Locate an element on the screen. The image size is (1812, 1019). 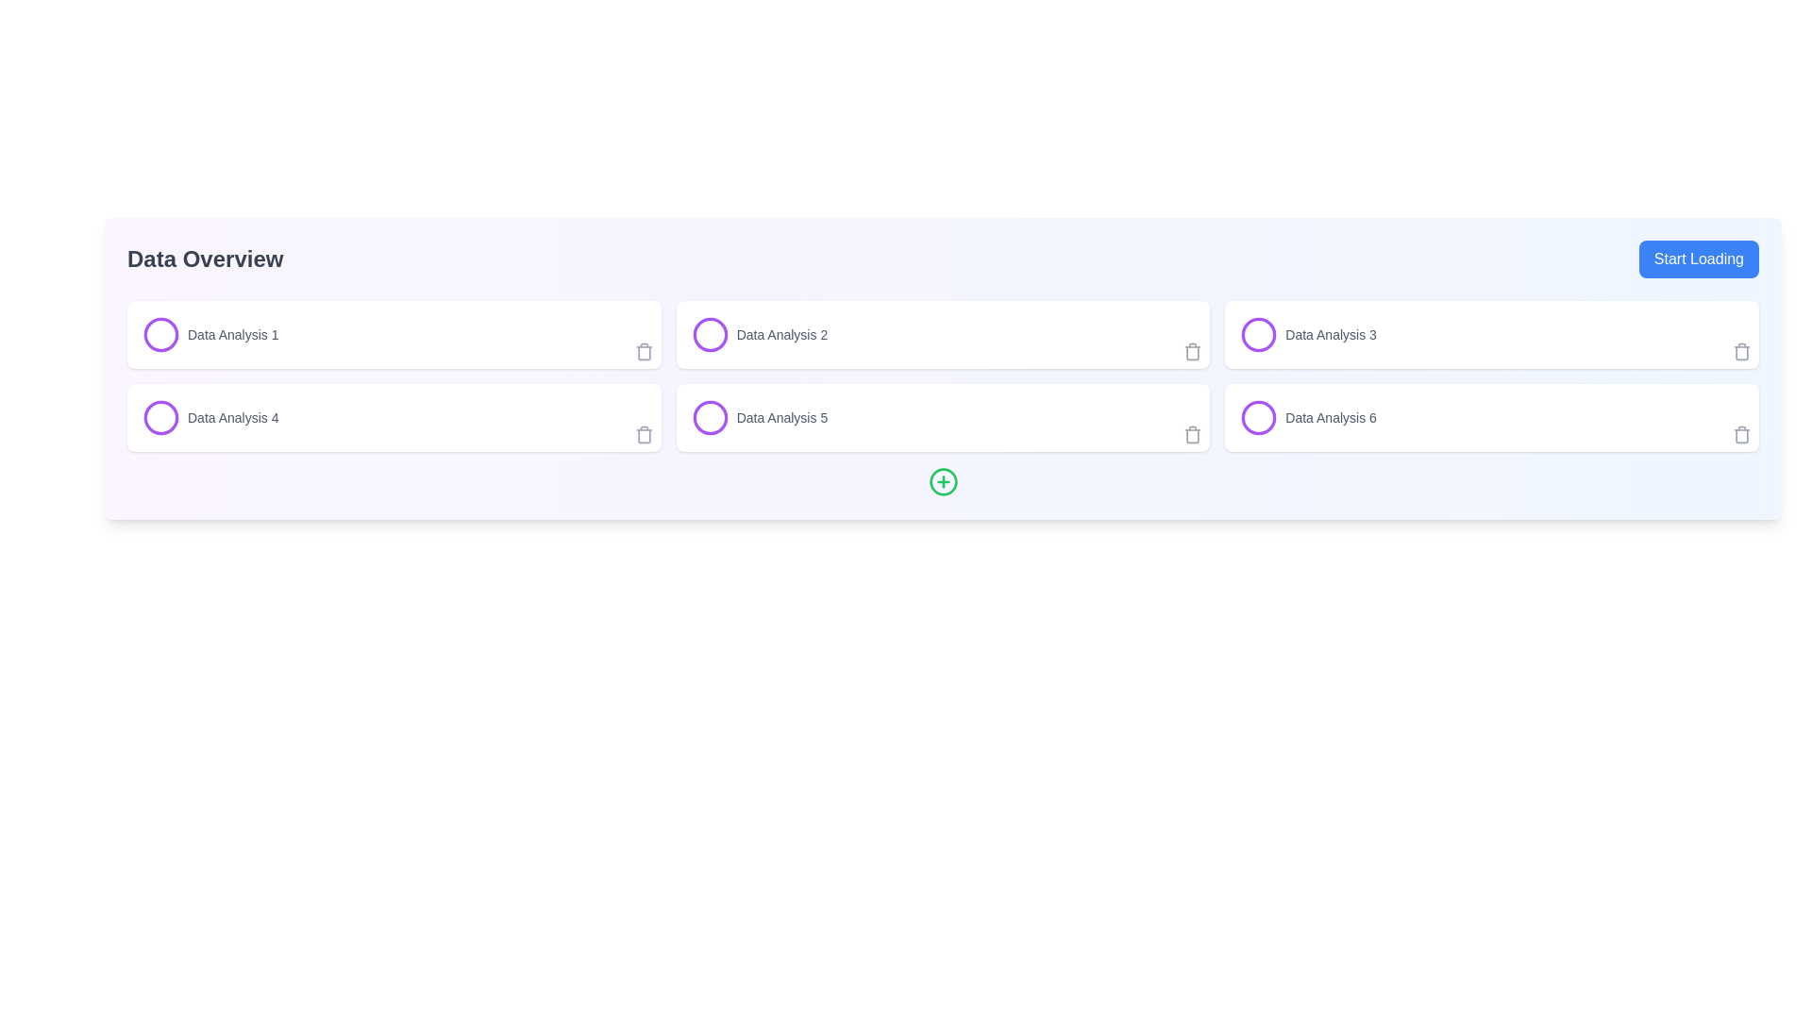
text from the label located in the first column of the second row below the 'Data Overview' heading, which serves as a title or identifier for an associated item is located at coordinates (232, 417).